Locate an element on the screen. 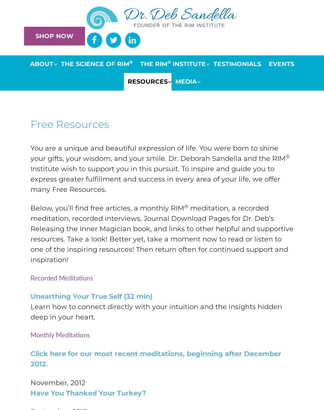  'Unearthing Your True Self (32 min)' is located at coordinates (91, 296).